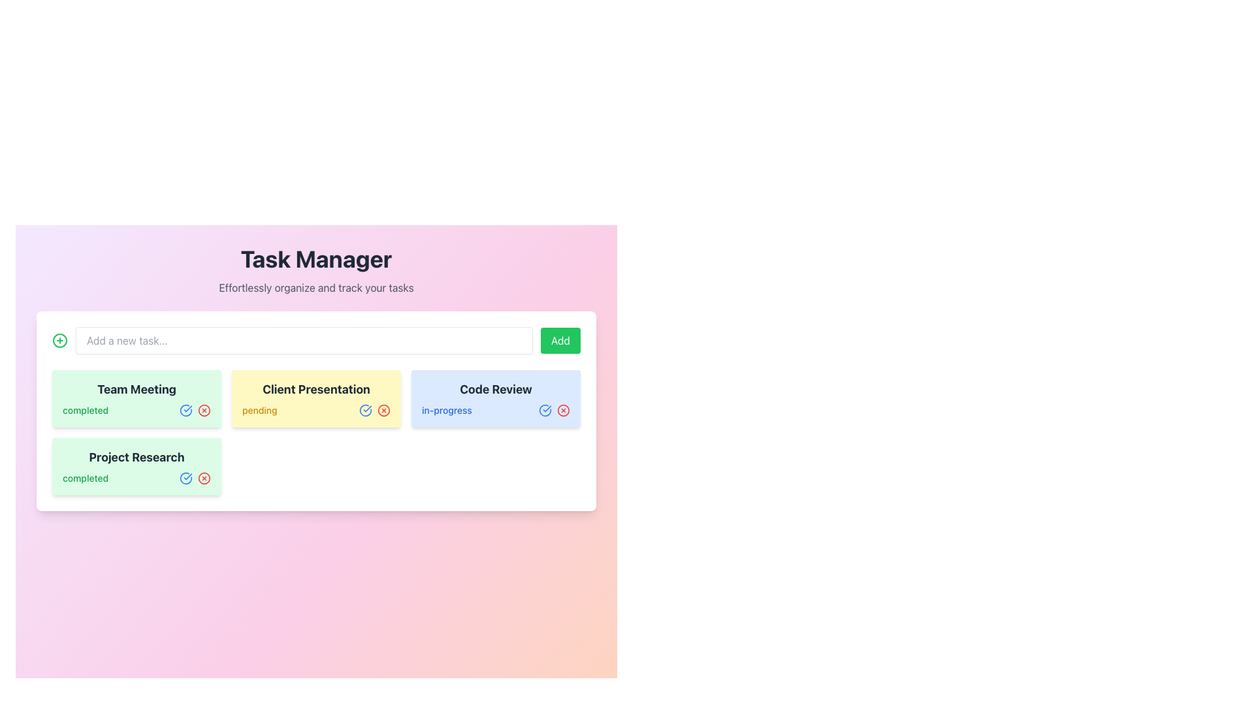  I want to click on the green 'completed' label indicating the completion status of the 'Team Meeting' task in the Task Manager interface, so click(85, 409).